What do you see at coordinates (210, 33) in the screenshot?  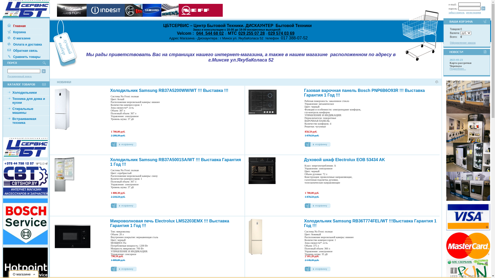 I see `'044  544 68 02'` at bounding box center [210, 33].